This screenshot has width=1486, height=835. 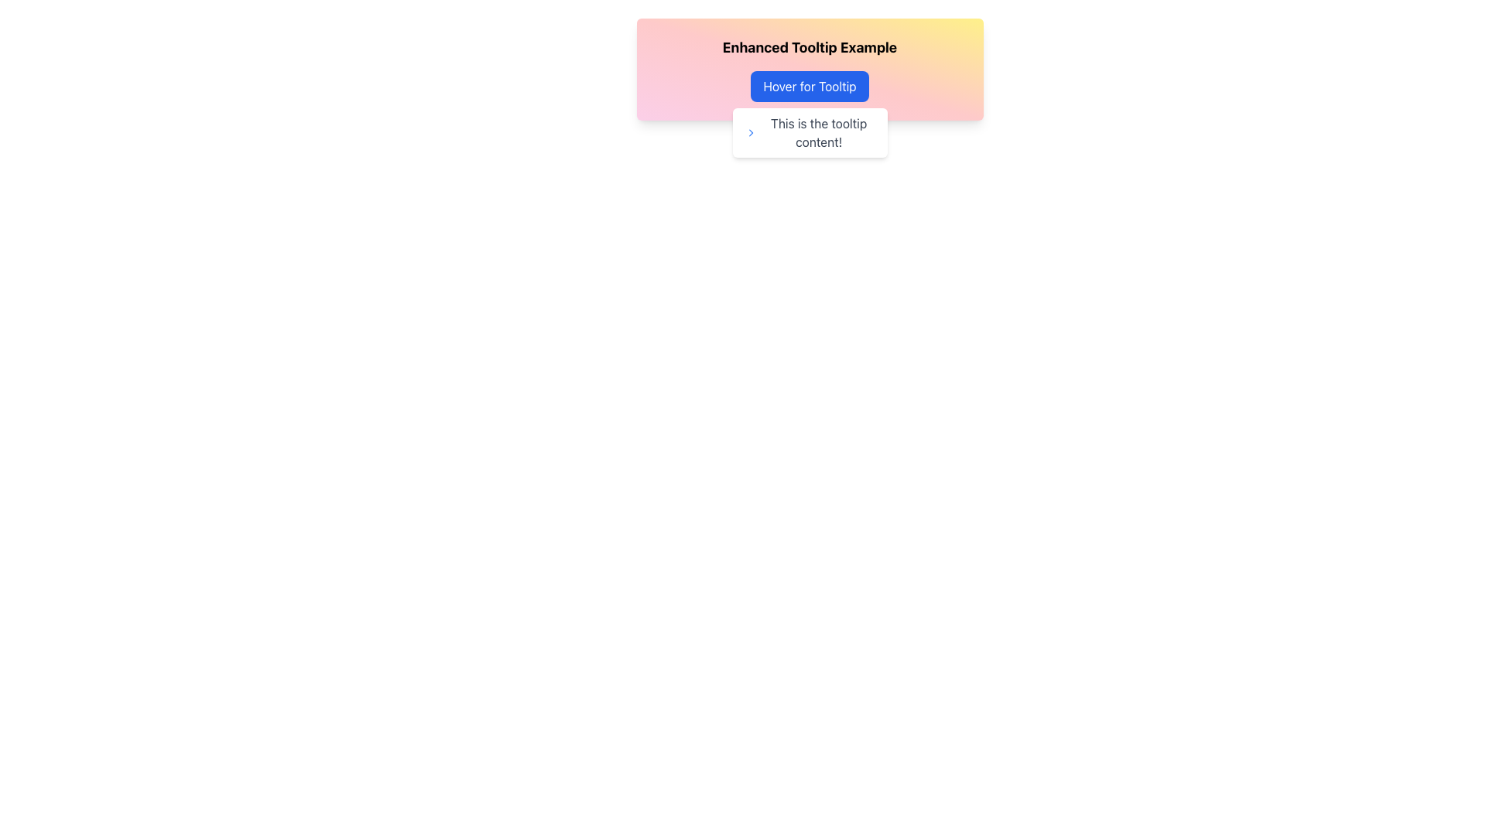 What do you see at coordinates (751, 132) in the screenshot?
I see `the blue right-facing chevron SVG icon located at the left side of the tooltip panel, preceding the text 'This is the tooltip content!'` at bounding box center [751, 132].